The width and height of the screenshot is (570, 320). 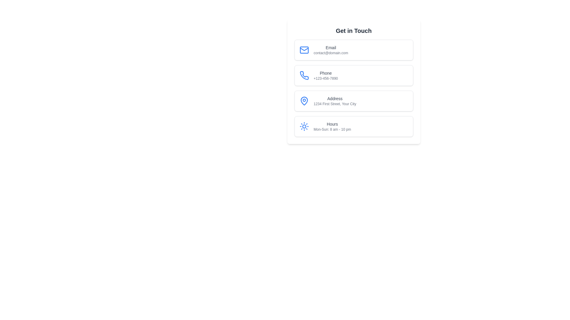 What do you see at coordinates (325, 73) in the screenshot?
I see `the 'Phone' text label, which is styled in gray font and serves as a label for the telephone number '+123-456-7890' located in the contact information list` at bounding box center [325, 73].